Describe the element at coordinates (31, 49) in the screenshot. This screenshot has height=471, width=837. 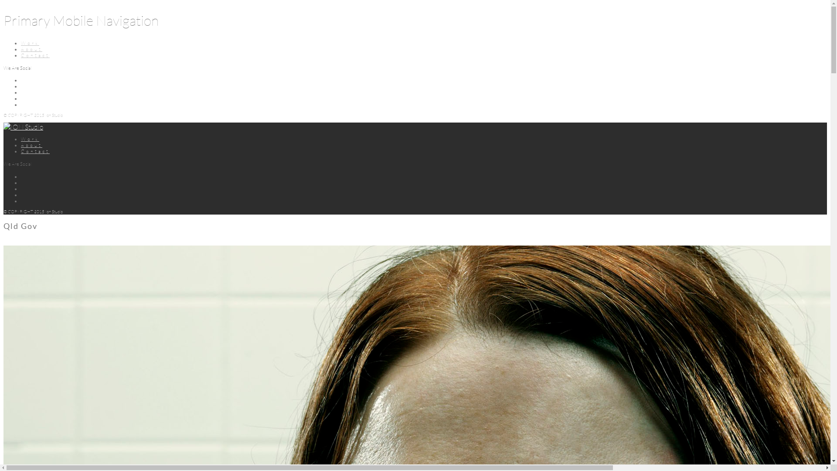
I see `'About'` at that location.